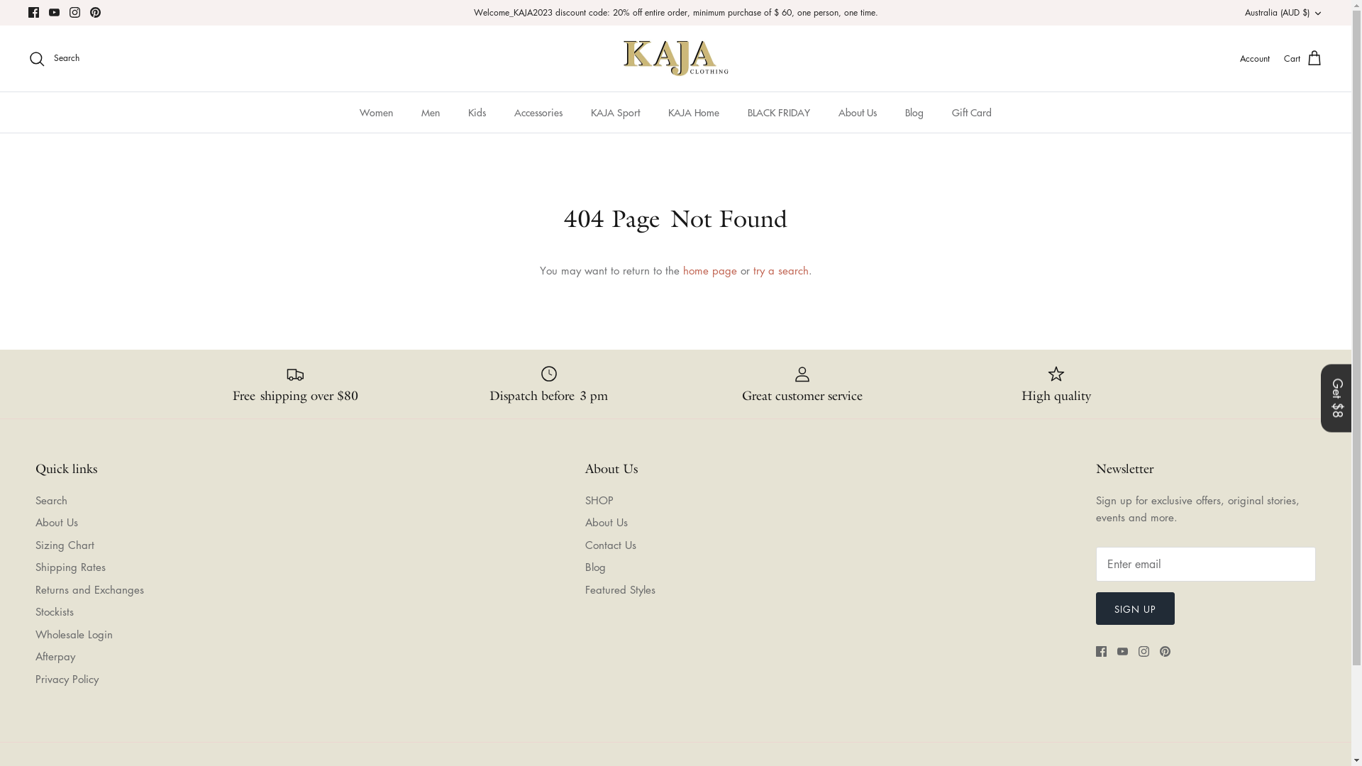  Describe the element at coordinates (429, 111) in the screenshot. I see `'Men'` at that location.